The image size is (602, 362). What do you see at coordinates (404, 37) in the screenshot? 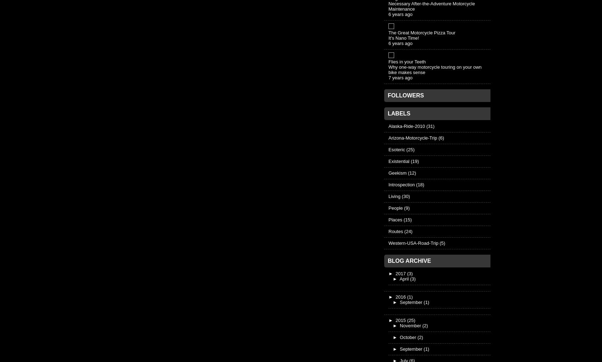
I see `'It's Nano Time!'` at bounding box center [404, 37].